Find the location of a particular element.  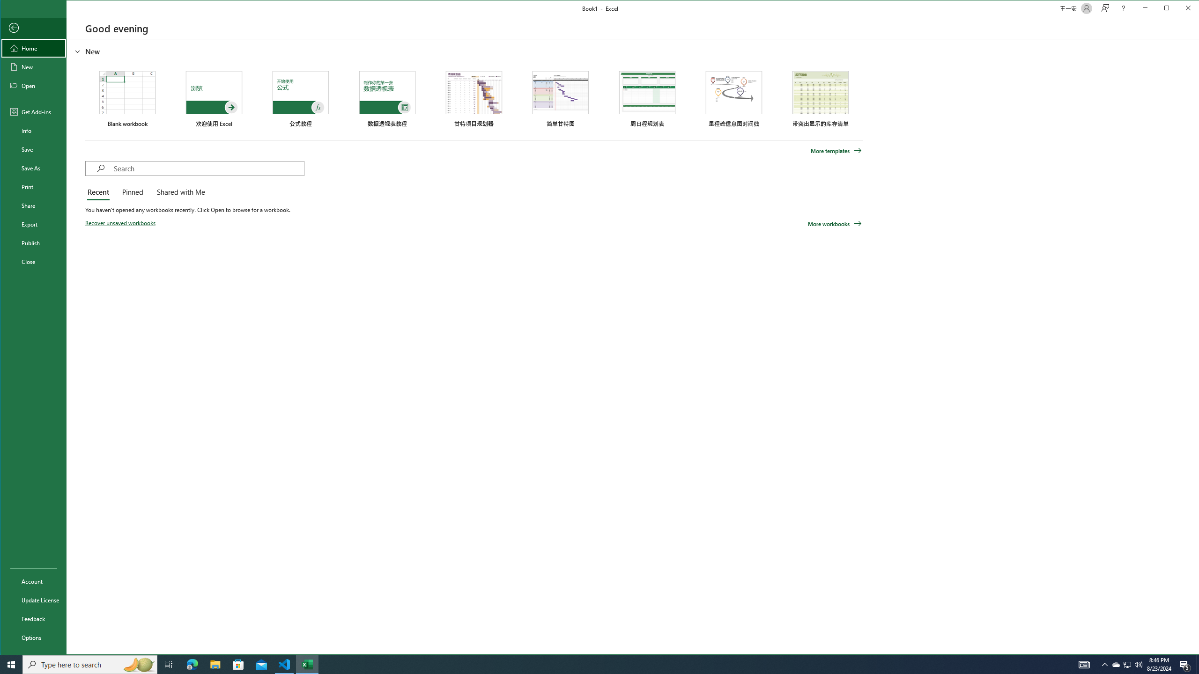

'Type here to search' is located at coordinates (89, 664).